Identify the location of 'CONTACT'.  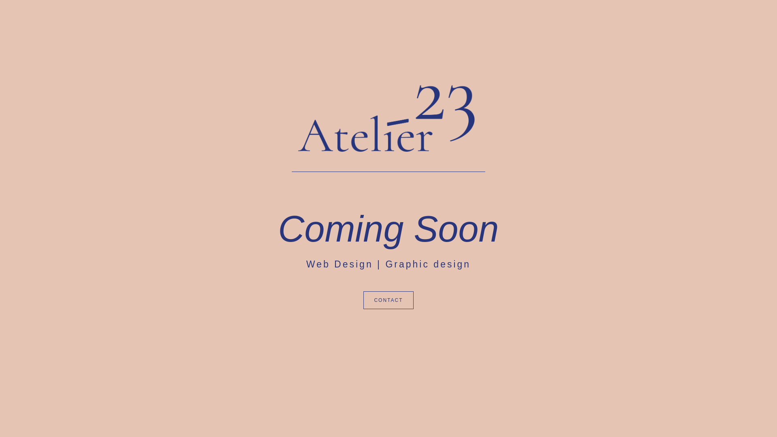
(388, 300).